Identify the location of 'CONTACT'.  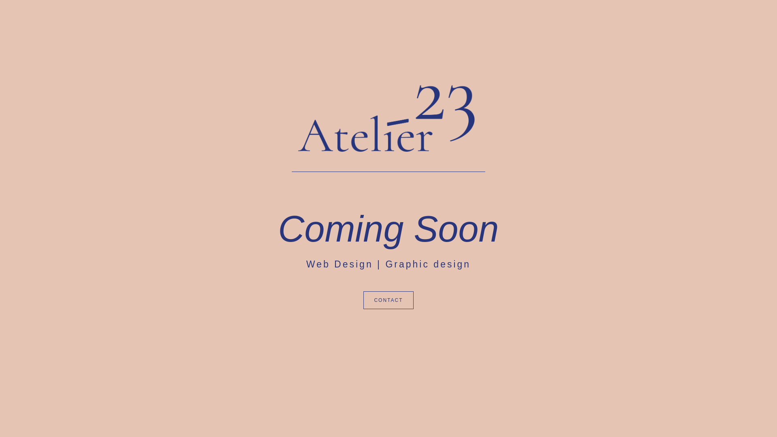
(388, 300).